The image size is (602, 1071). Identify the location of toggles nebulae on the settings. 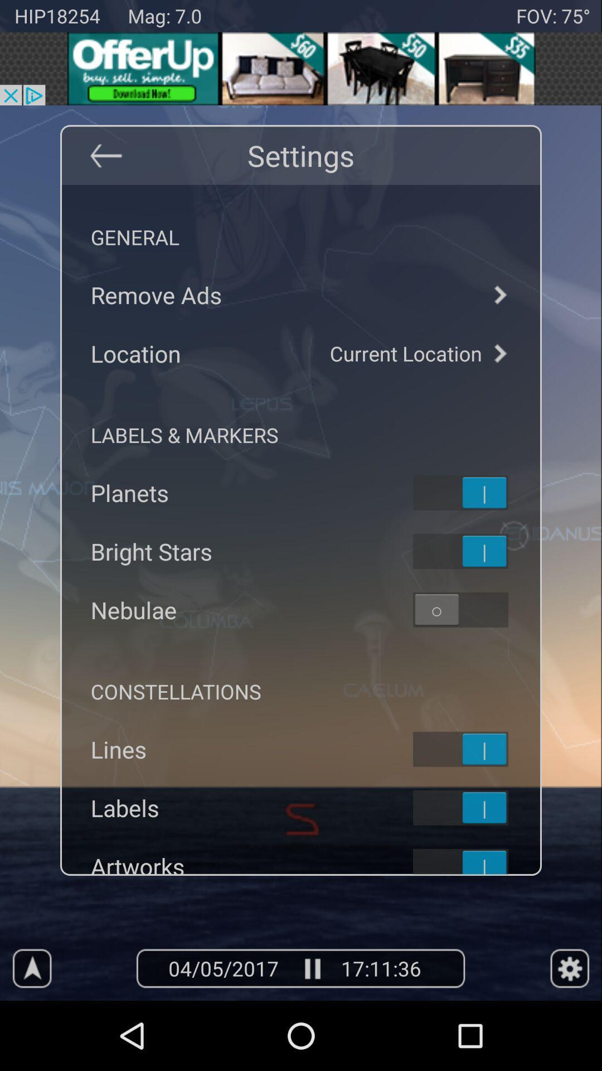
(475, 609).